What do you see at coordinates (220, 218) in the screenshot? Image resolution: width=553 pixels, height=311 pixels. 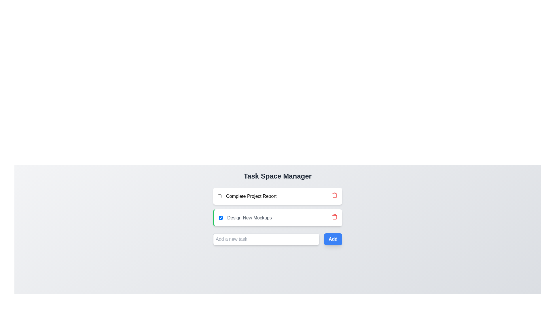 I see `the checkbox to check or uncheck the task 'Design New Mockups' located to the left of the corresponding text` at bounding box center [220, 218].